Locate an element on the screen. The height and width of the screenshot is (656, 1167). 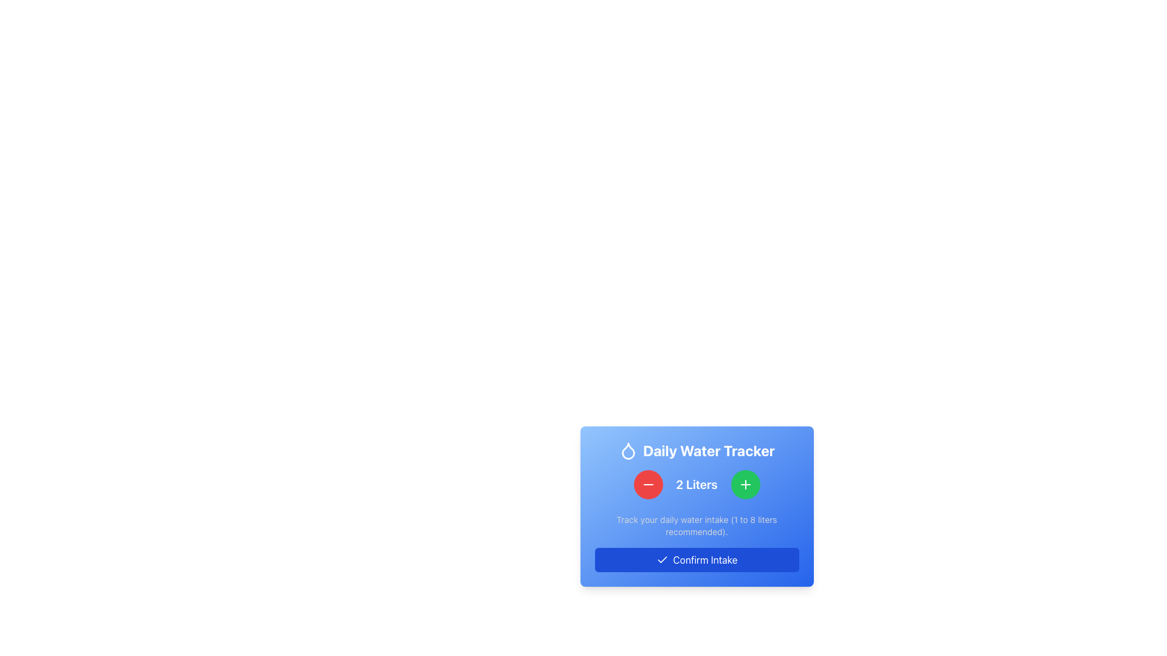
the increment water intake button on the 'Daily Water Tracker' interface, located within the green button to the right of the '2 Liters' text is located at coordinates (745, 484).